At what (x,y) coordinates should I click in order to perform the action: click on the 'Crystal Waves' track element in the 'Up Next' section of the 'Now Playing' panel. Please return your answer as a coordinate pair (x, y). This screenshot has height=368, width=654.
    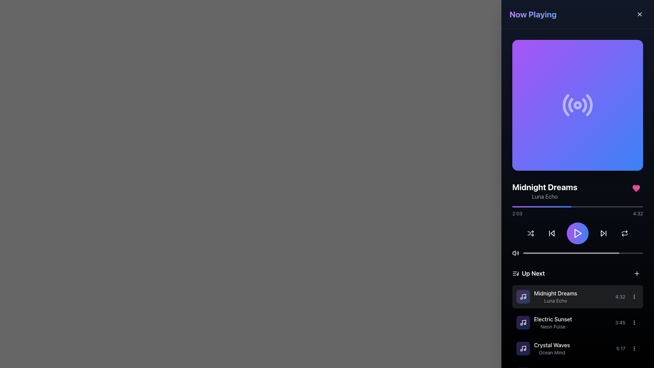
    Looking at the image, I should click on (543, 348).